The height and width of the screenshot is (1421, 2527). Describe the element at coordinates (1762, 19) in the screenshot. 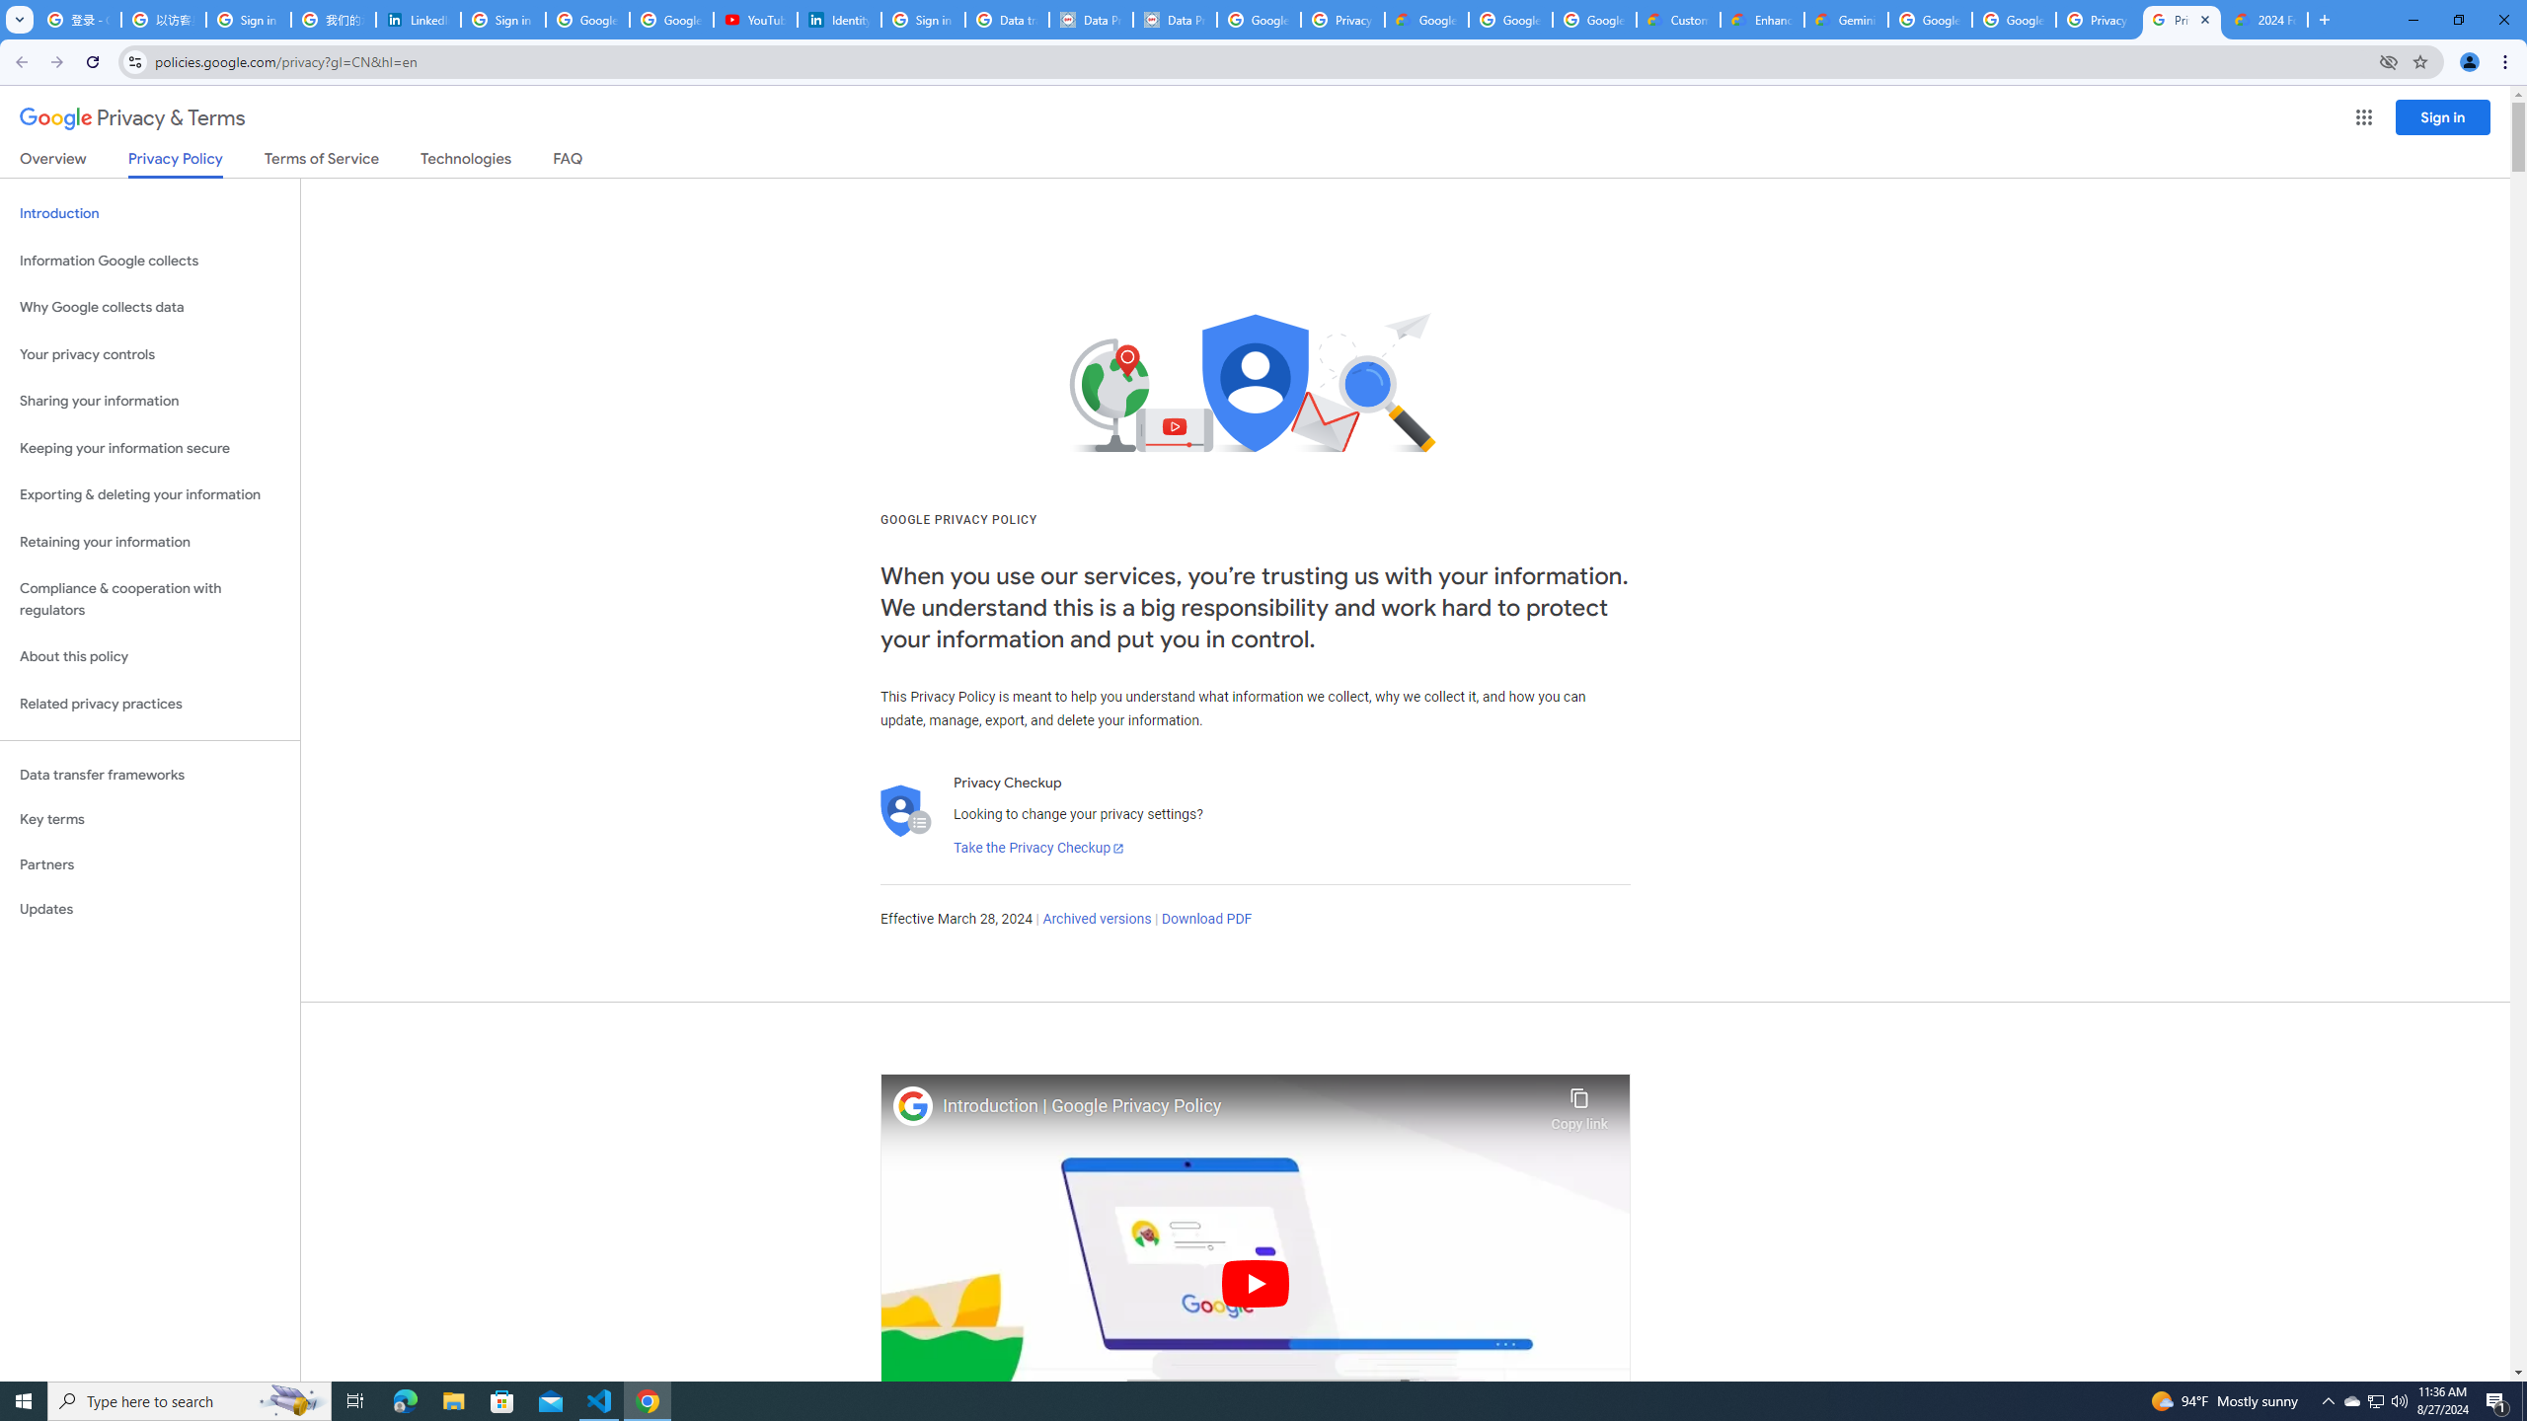

I see `'Enhanced Support | Google Cloud'` at that location.